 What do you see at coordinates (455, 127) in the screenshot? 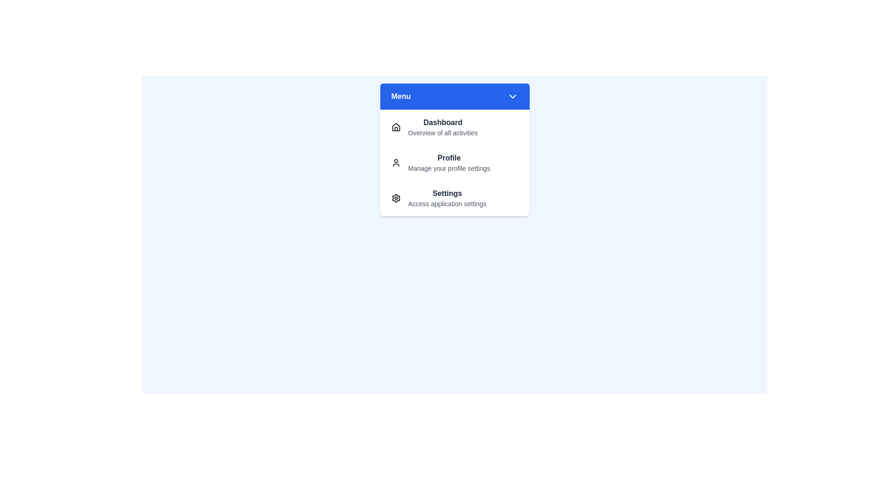
I see `the menu item labeled Dashboard to highlight it` at bounding box center [455, 127].